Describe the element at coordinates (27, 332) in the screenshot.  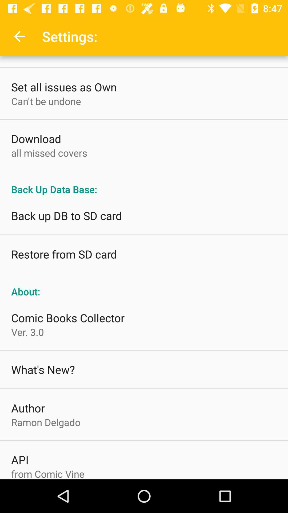
I see `the item below comic books collector item` at that location.